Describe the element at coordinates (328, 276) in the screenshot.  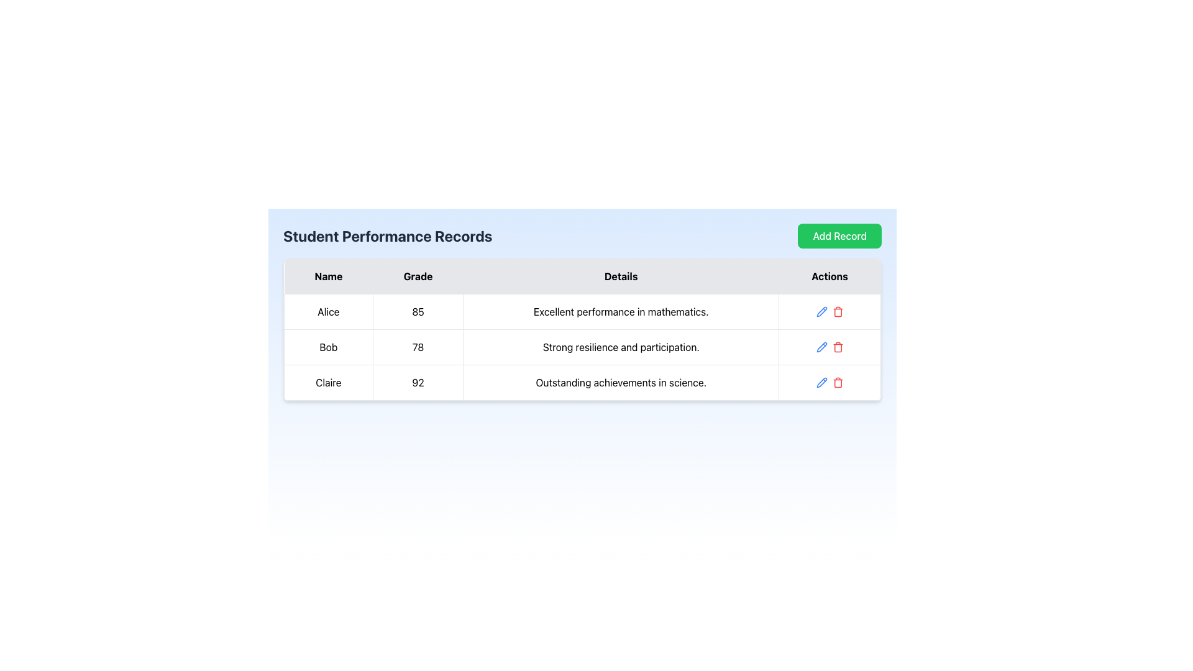
I see `text from the first column header of the table which specifies the names` at that location.